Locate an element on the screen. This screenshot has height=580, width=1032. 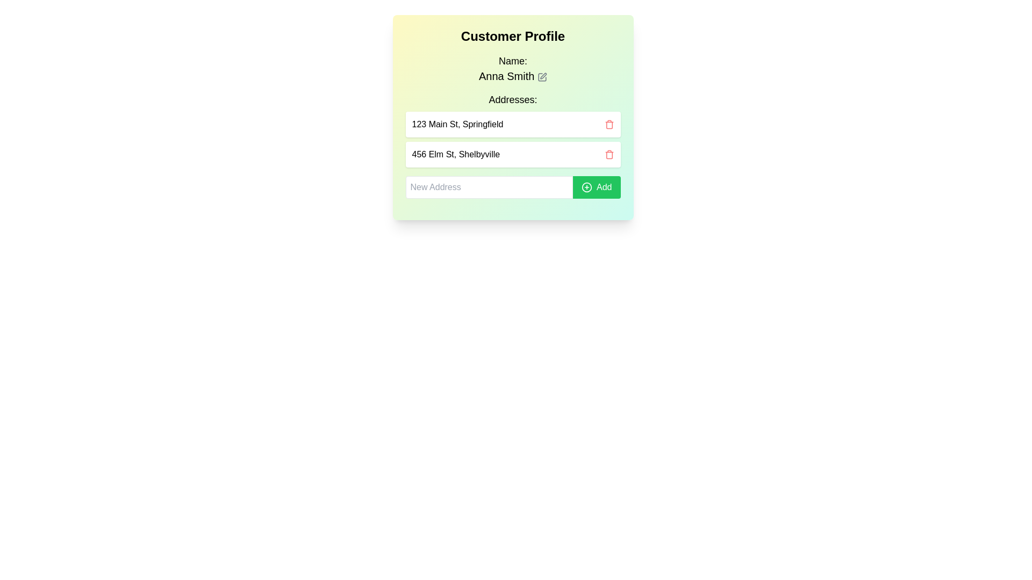
the text label displaying 'Anna Smith' is located at coordinates (512, 76).